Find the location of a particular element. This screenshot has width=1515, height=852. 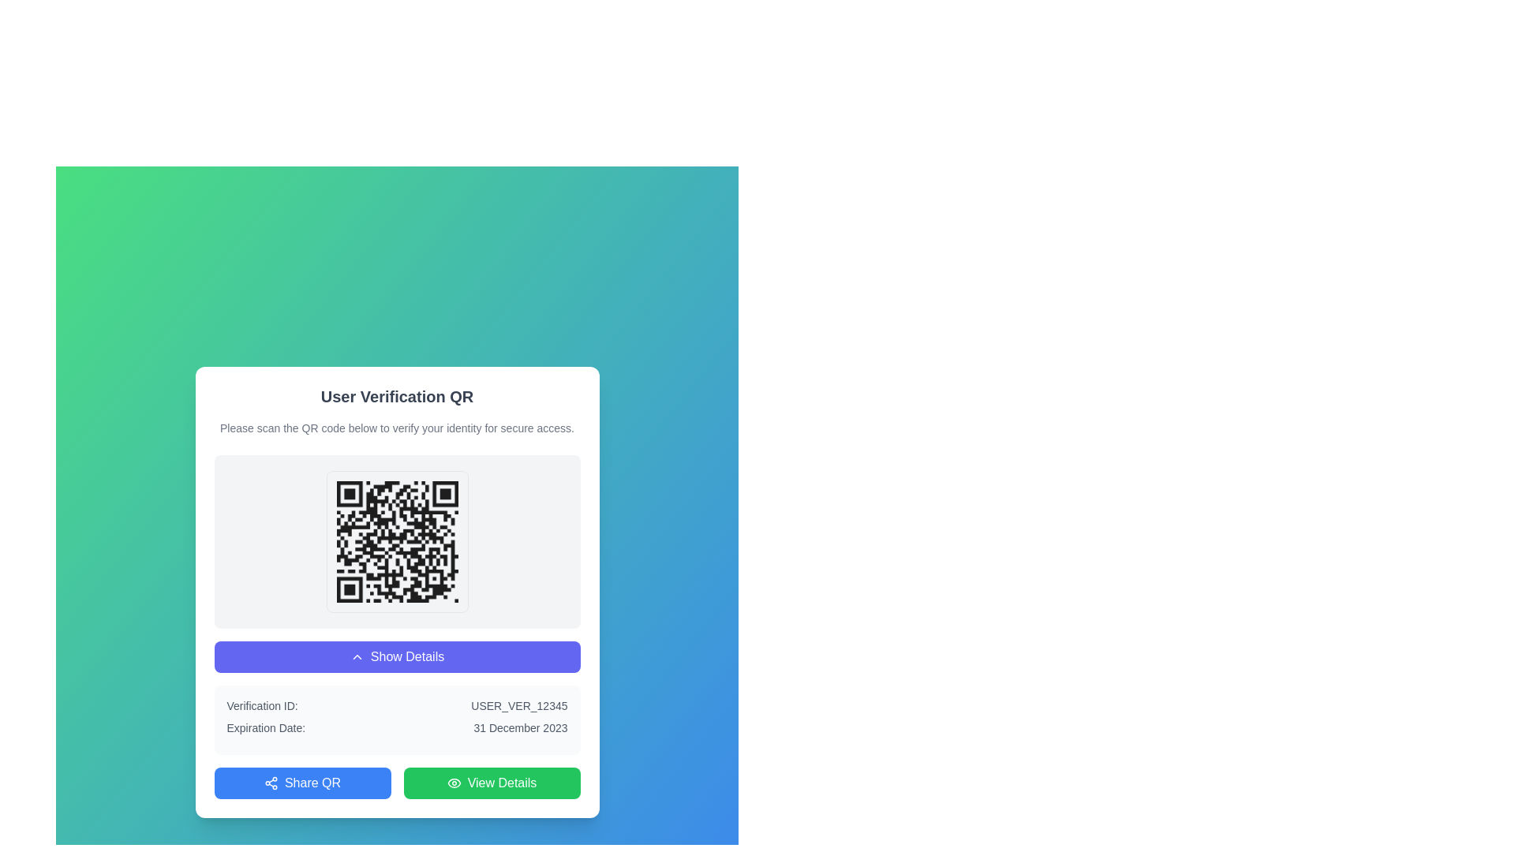

the text label displaying '31 December 2023', which is located next to the label 'Expiration Date:' in a modal interface is located at coordinates (520, 727).